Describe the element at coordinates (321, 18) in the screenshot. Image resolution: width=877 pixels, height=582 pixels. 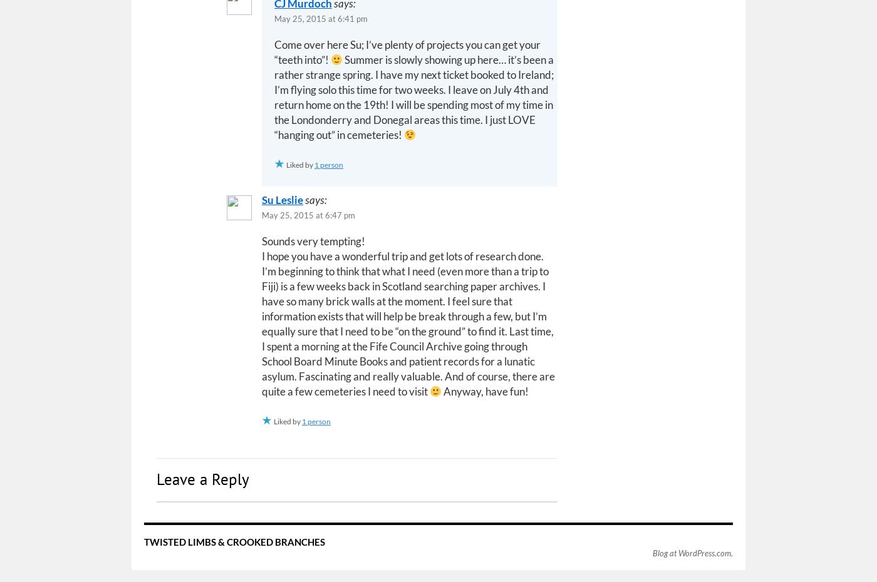
I see `'May 25, 2015 at 6:41 pm'` at that location.